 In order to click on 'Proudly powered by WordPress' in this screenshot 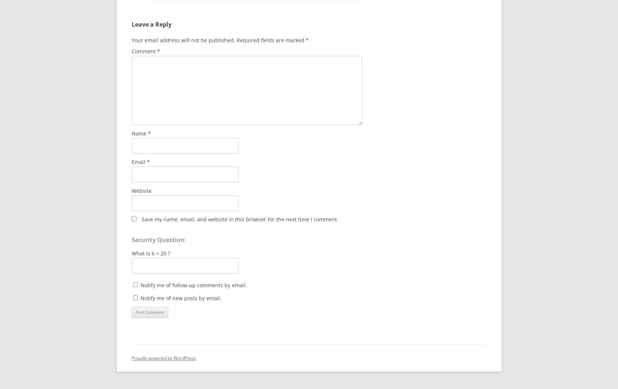, I will do `click(163, 358)`.